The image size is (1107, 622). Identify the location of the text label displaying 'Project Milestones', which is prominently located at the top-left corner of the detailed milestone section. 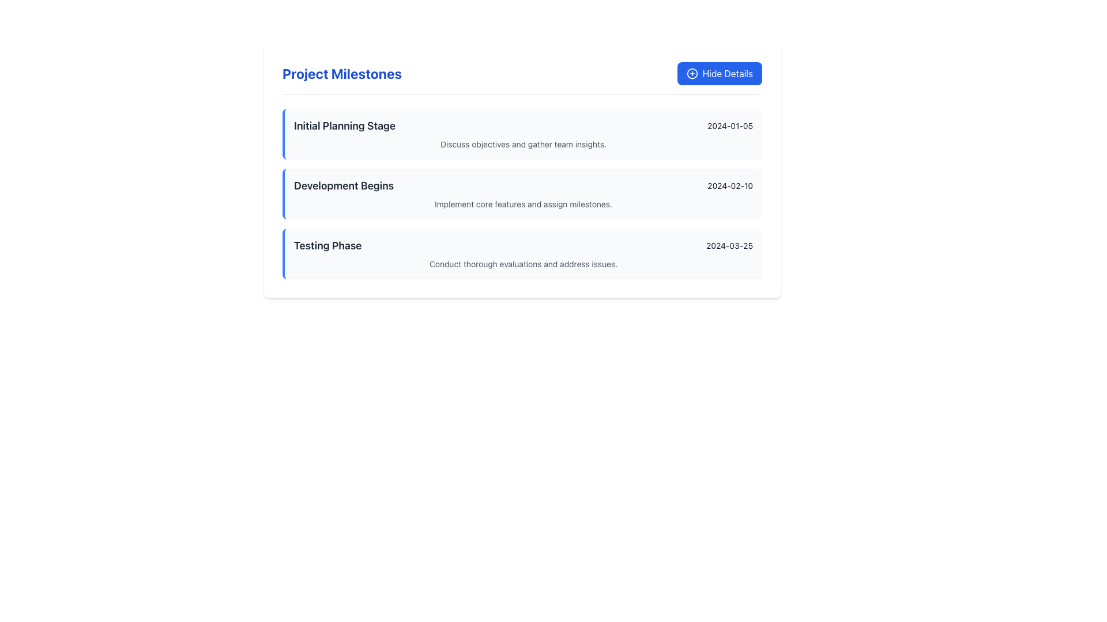
(341, 73).